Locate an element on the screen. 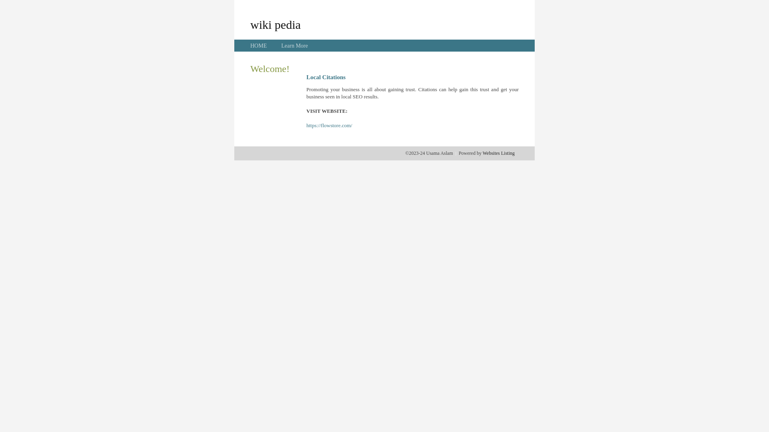 This screenshot has width=769, height=432. 'https://flowstore.com/' is located at coordinates (329, 125).